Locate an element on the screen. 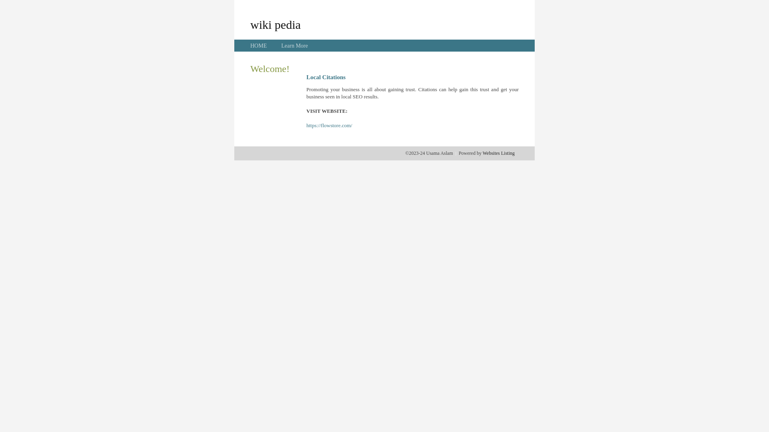 This screenshot has width=769, height=432. 'https://flowstore.com/' is located at coordinates (329, 125).